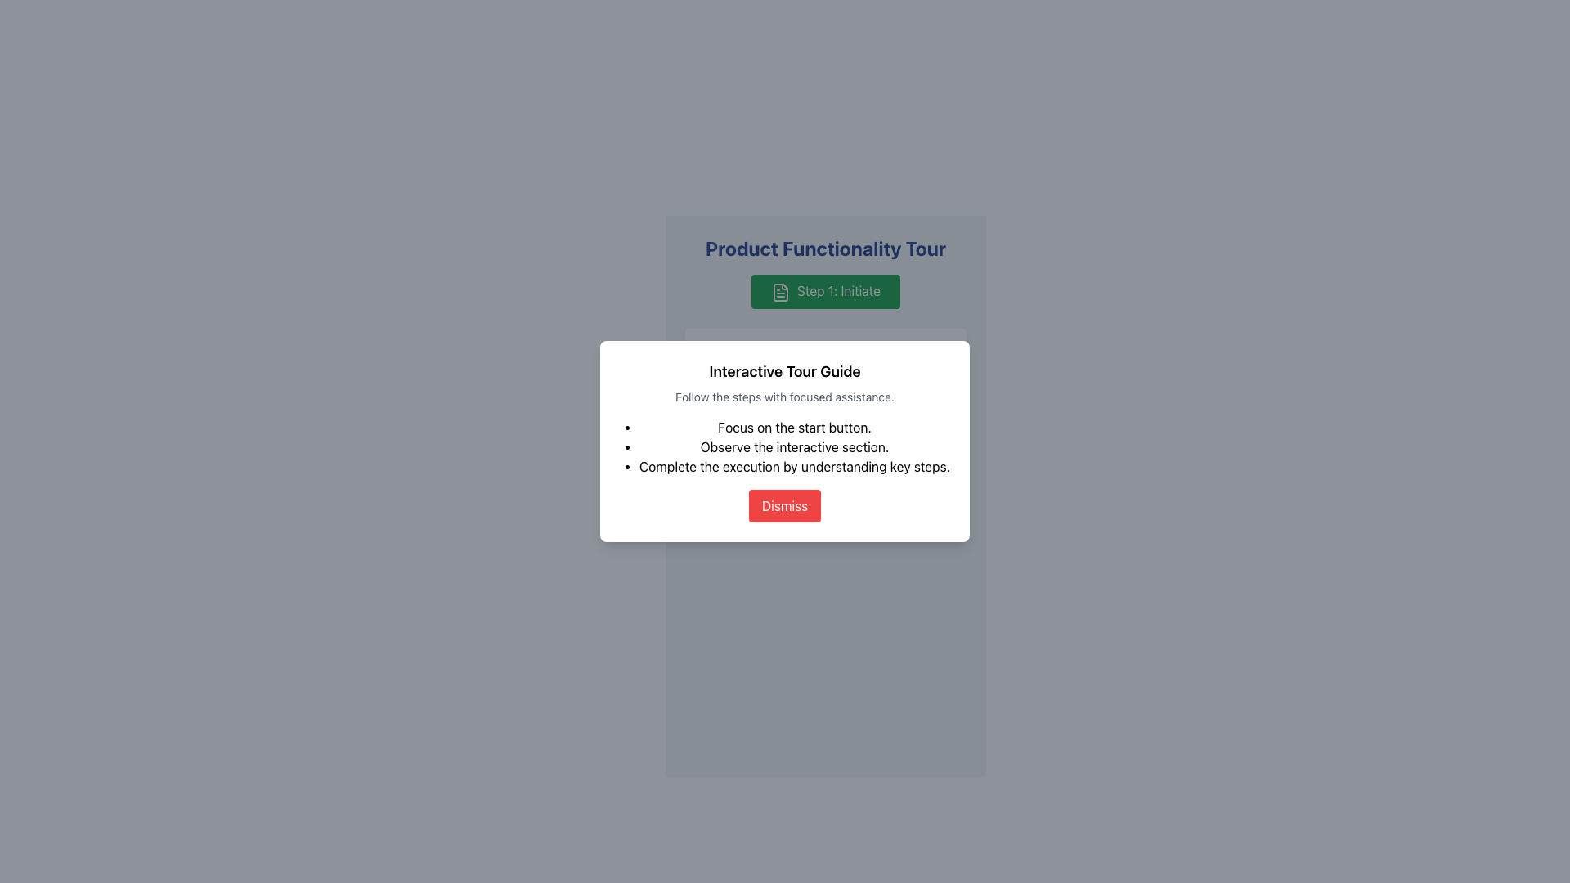 This screenshot has width=1570, height=883. What do you see at coordinates (785, 504) in the screenshot?
I see `the red 'Dismiss' button with white text at the bottom of the 'Interactive Tour Guide' dialog` at bounding box center [785, 504].